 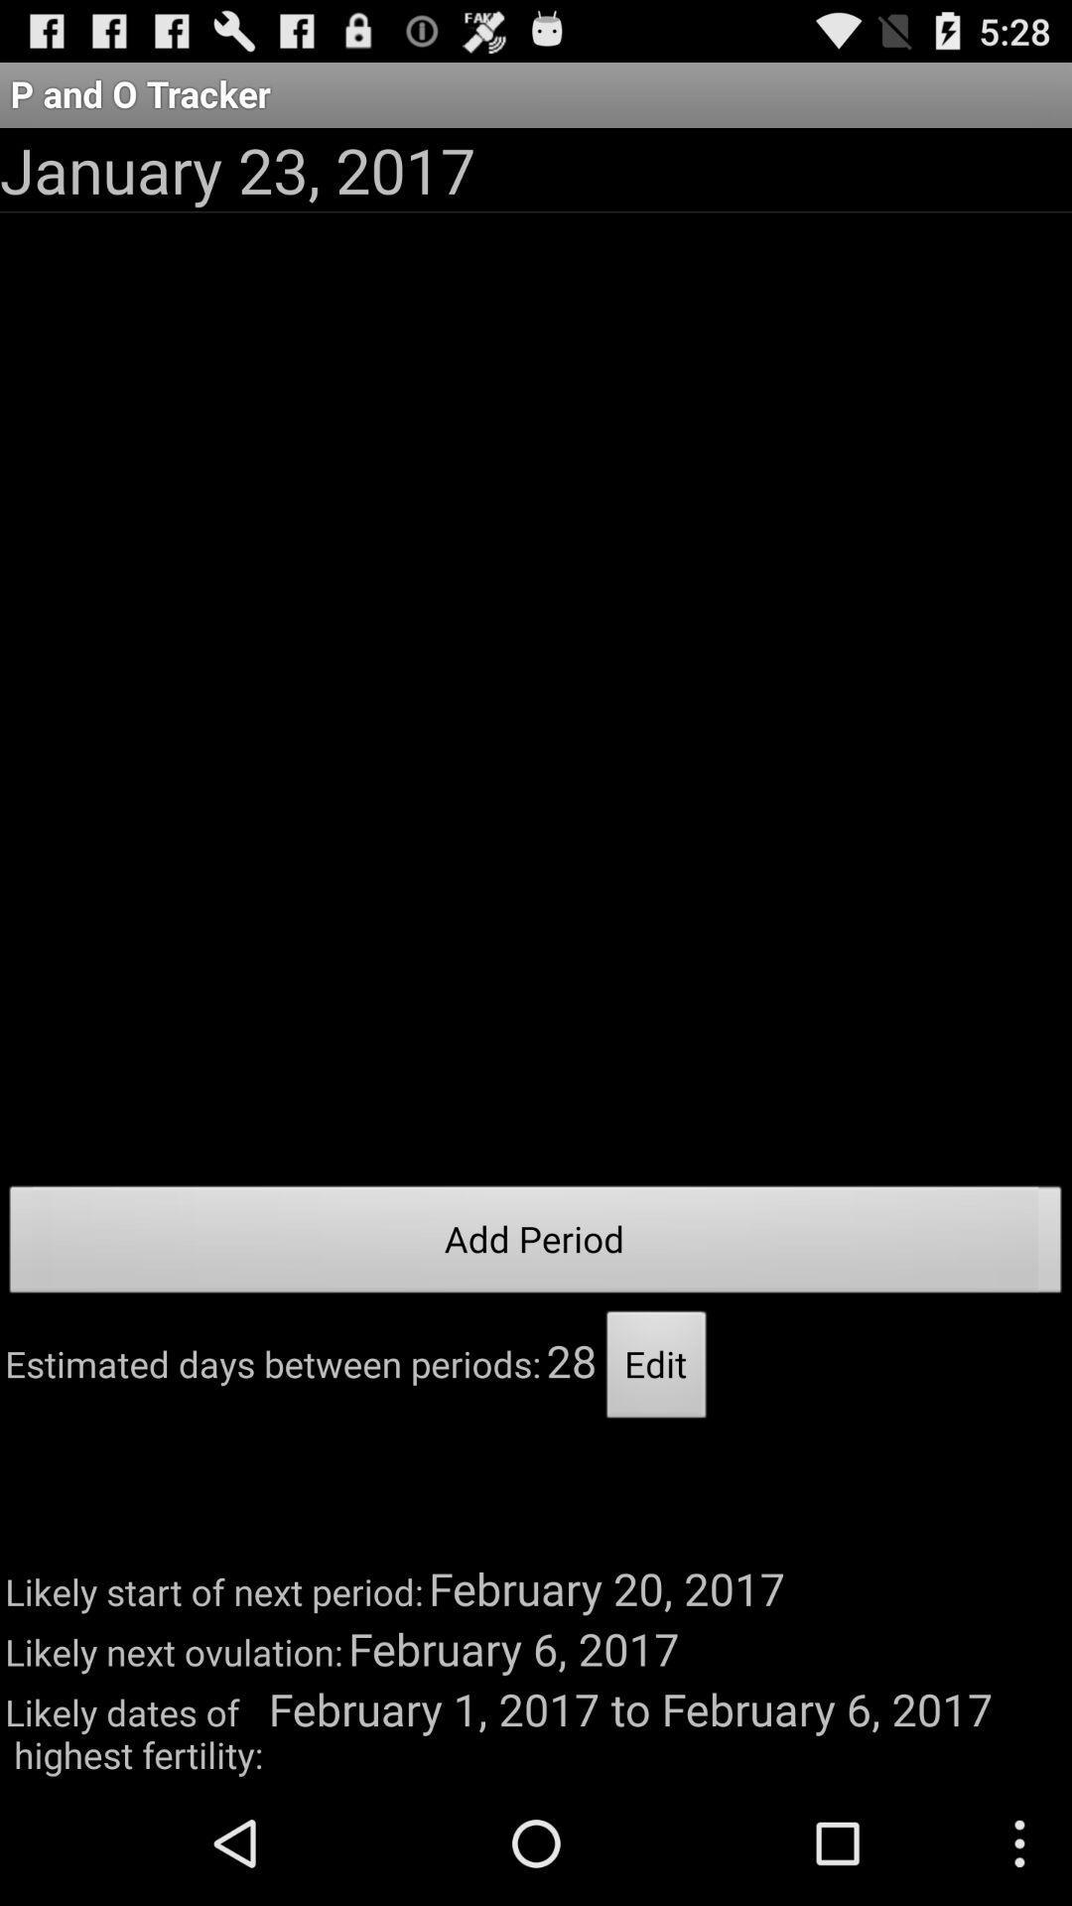 I want to click on the icon above the february 20, 2017, so click(x=656, y=1369).